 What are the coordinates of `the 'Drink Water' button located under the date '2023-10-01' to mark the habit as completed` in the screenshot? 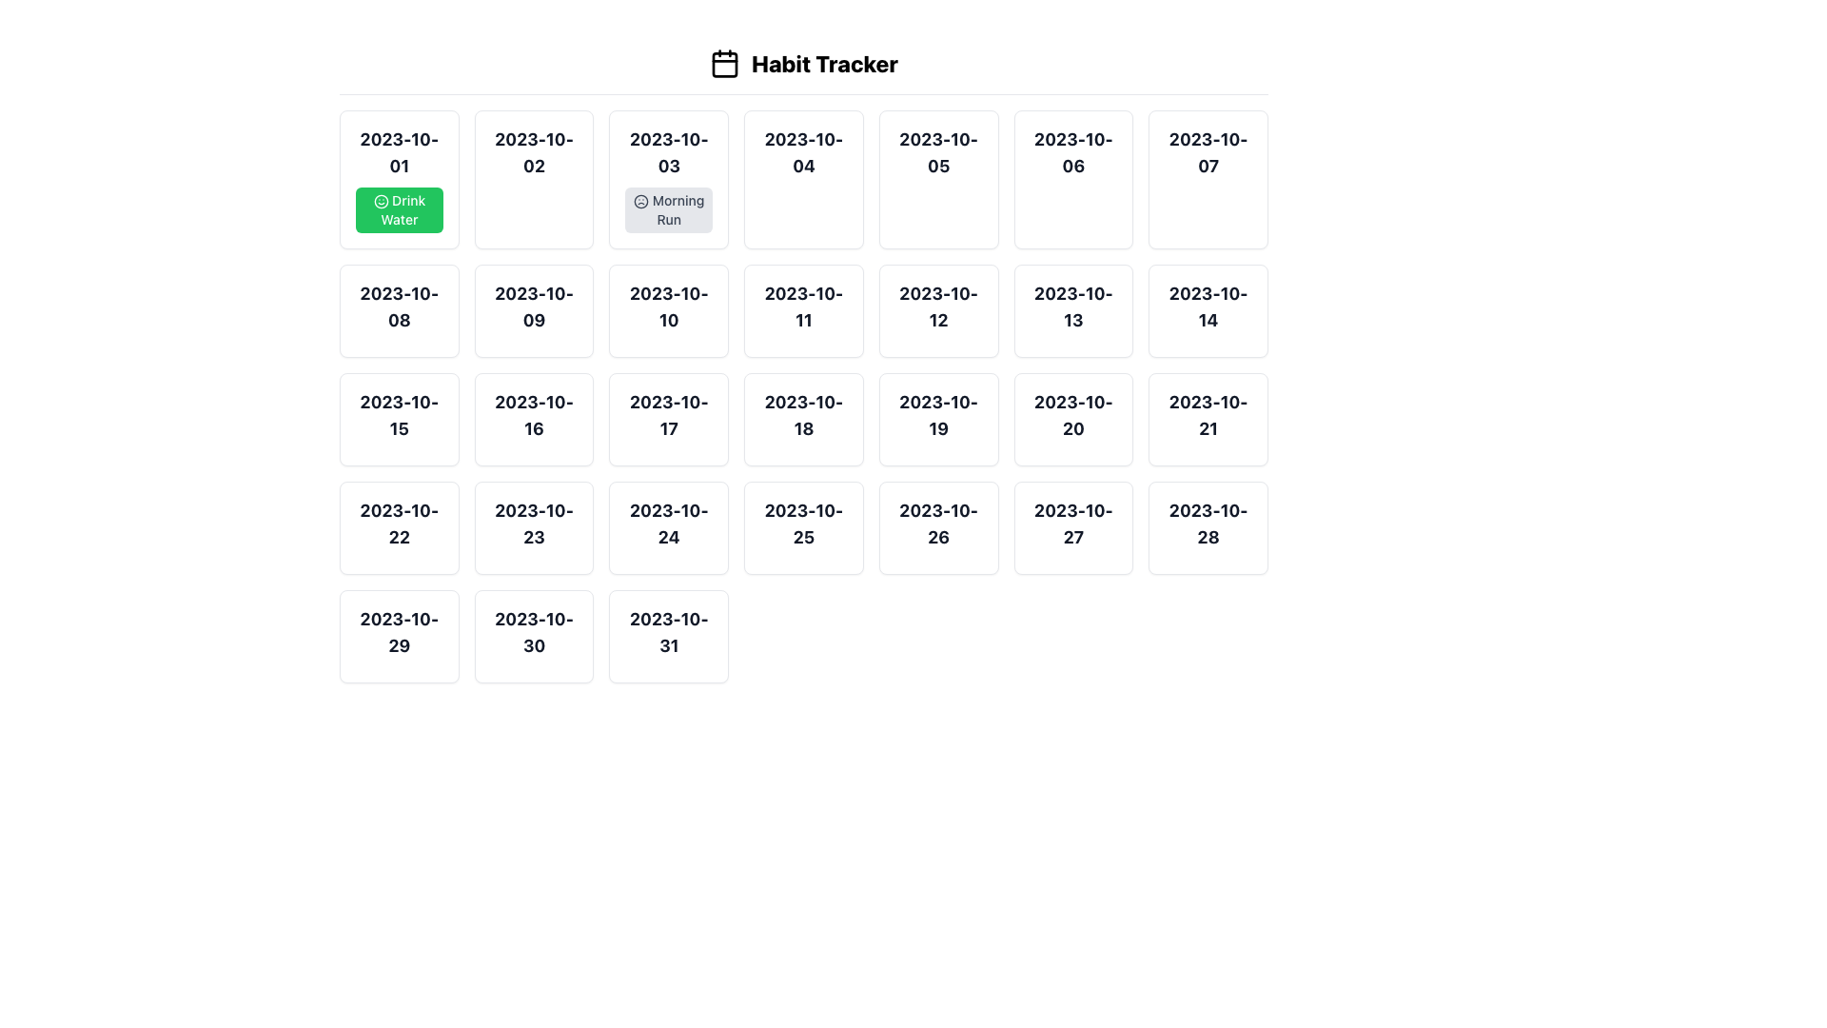 It's located at (398, 209).